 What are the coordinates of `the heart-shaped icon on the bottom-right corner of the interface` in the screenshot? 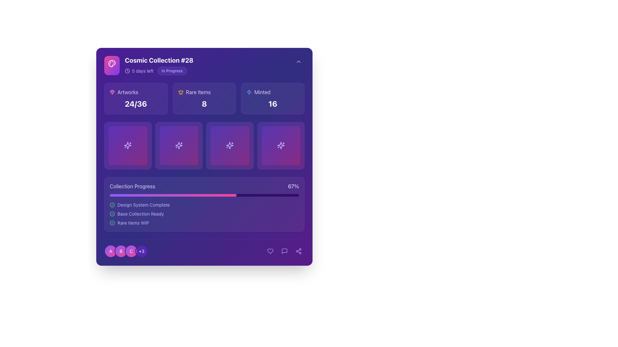 It's located at (270, 251).